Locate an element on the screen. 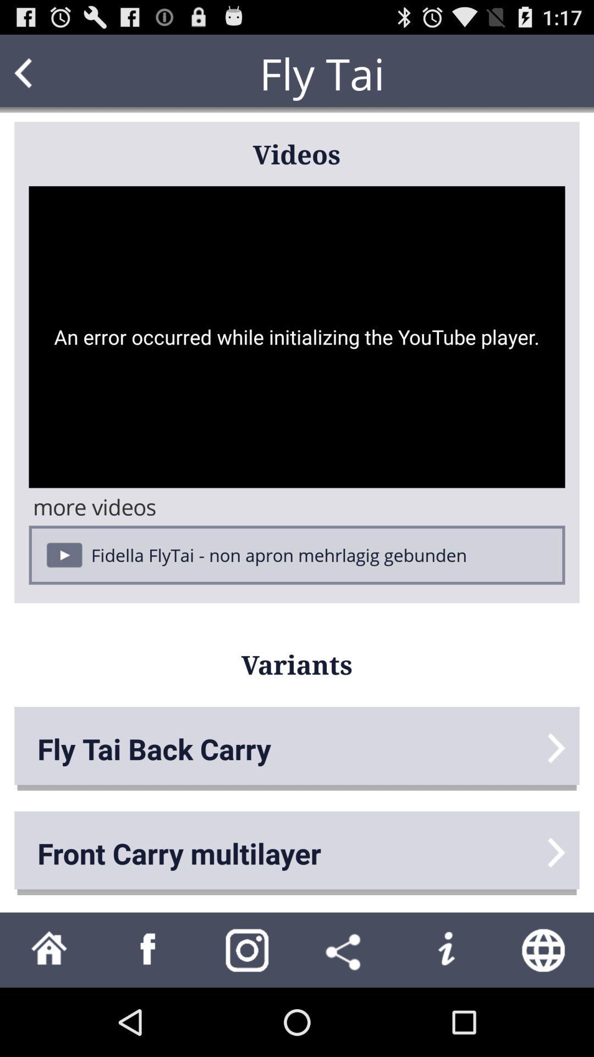 The width and height of the screenshot is (594, 1057). the share icon is located at coordinates (345, 1016).